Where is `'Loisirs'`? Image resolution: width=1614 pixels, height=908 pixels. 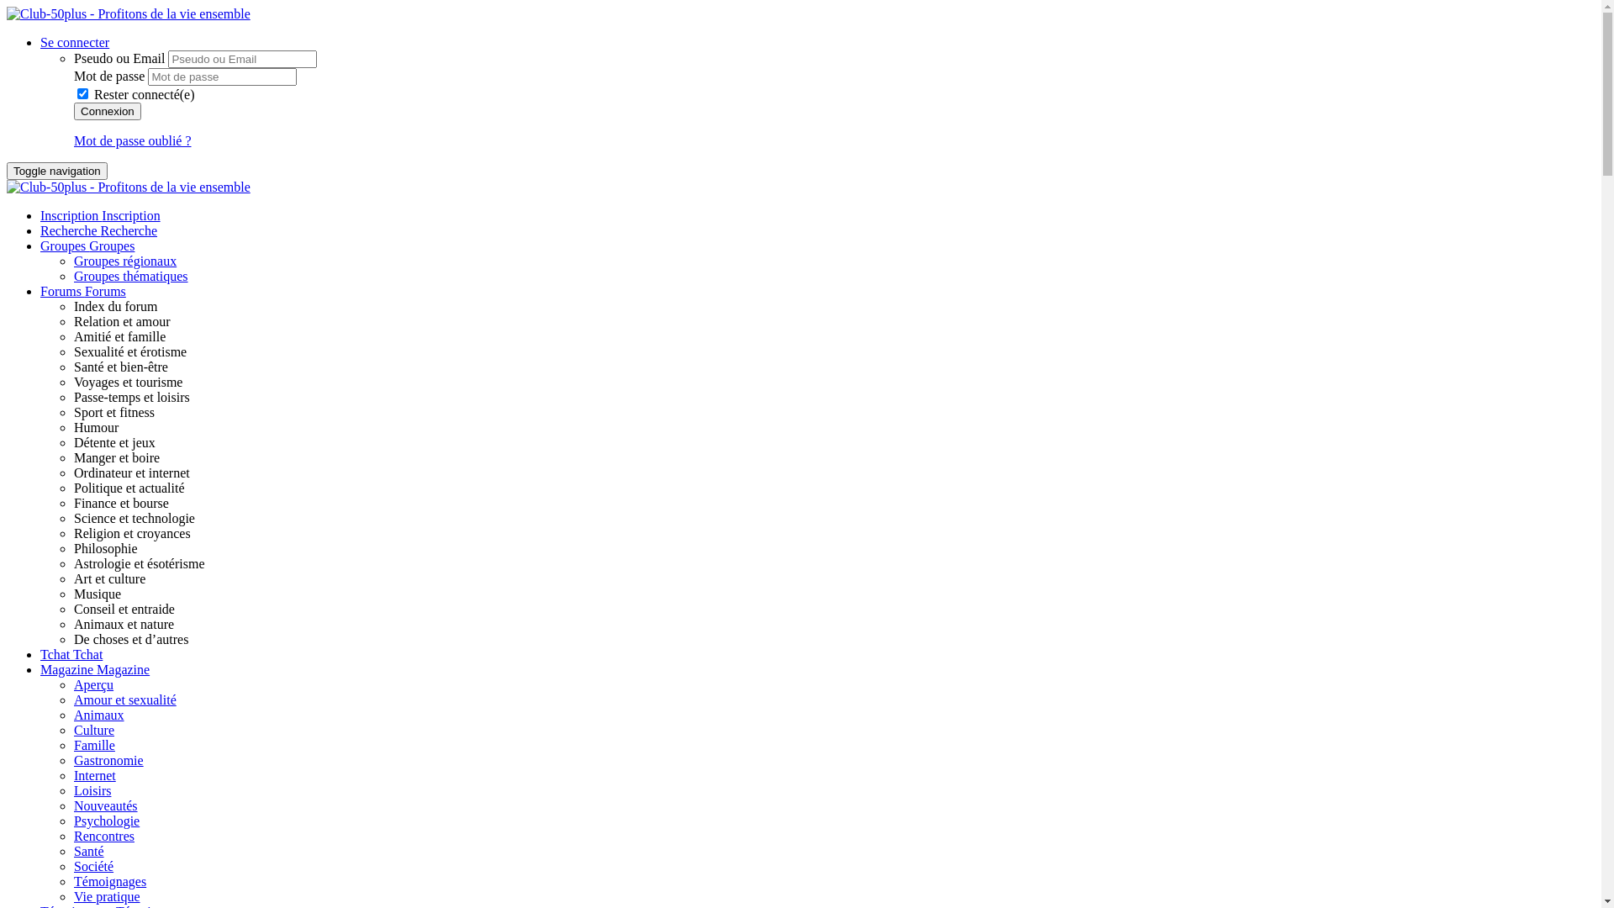 'Loisirs' is located at coordinates (92, 790).